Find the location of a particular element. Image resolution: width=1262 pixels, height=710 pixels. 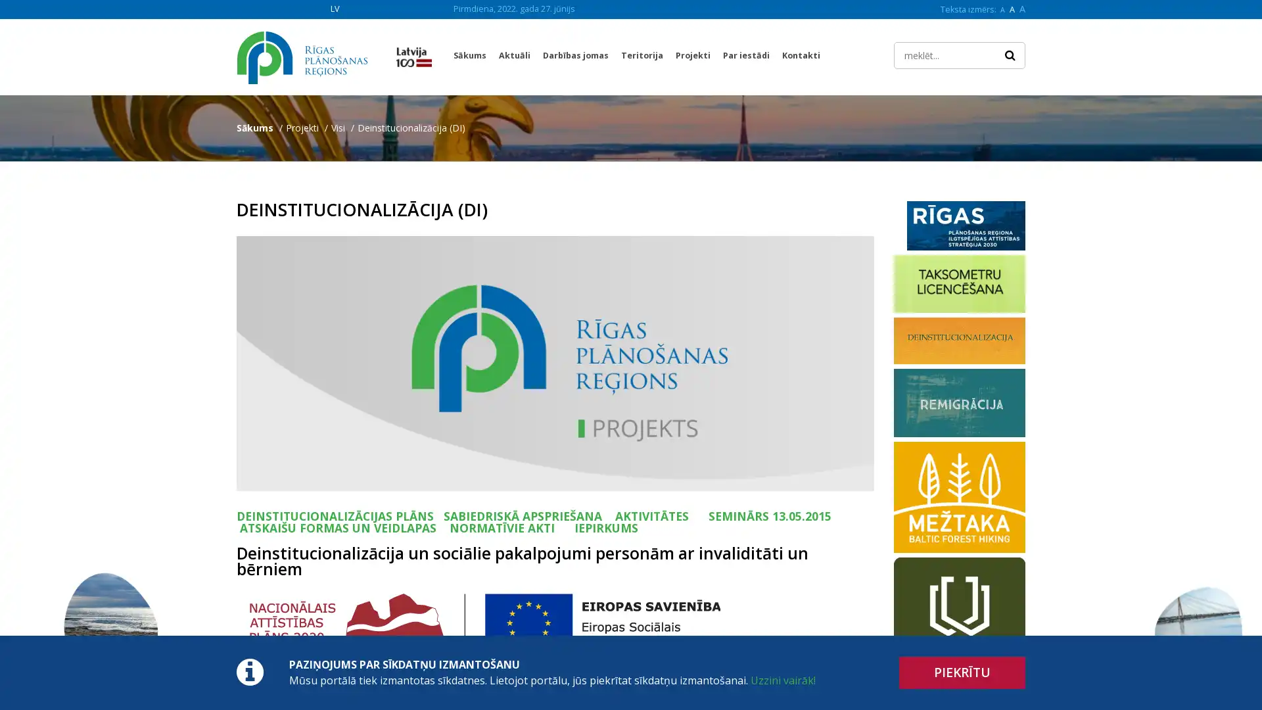

PIEKRITU is located at coordinates (962, 673).